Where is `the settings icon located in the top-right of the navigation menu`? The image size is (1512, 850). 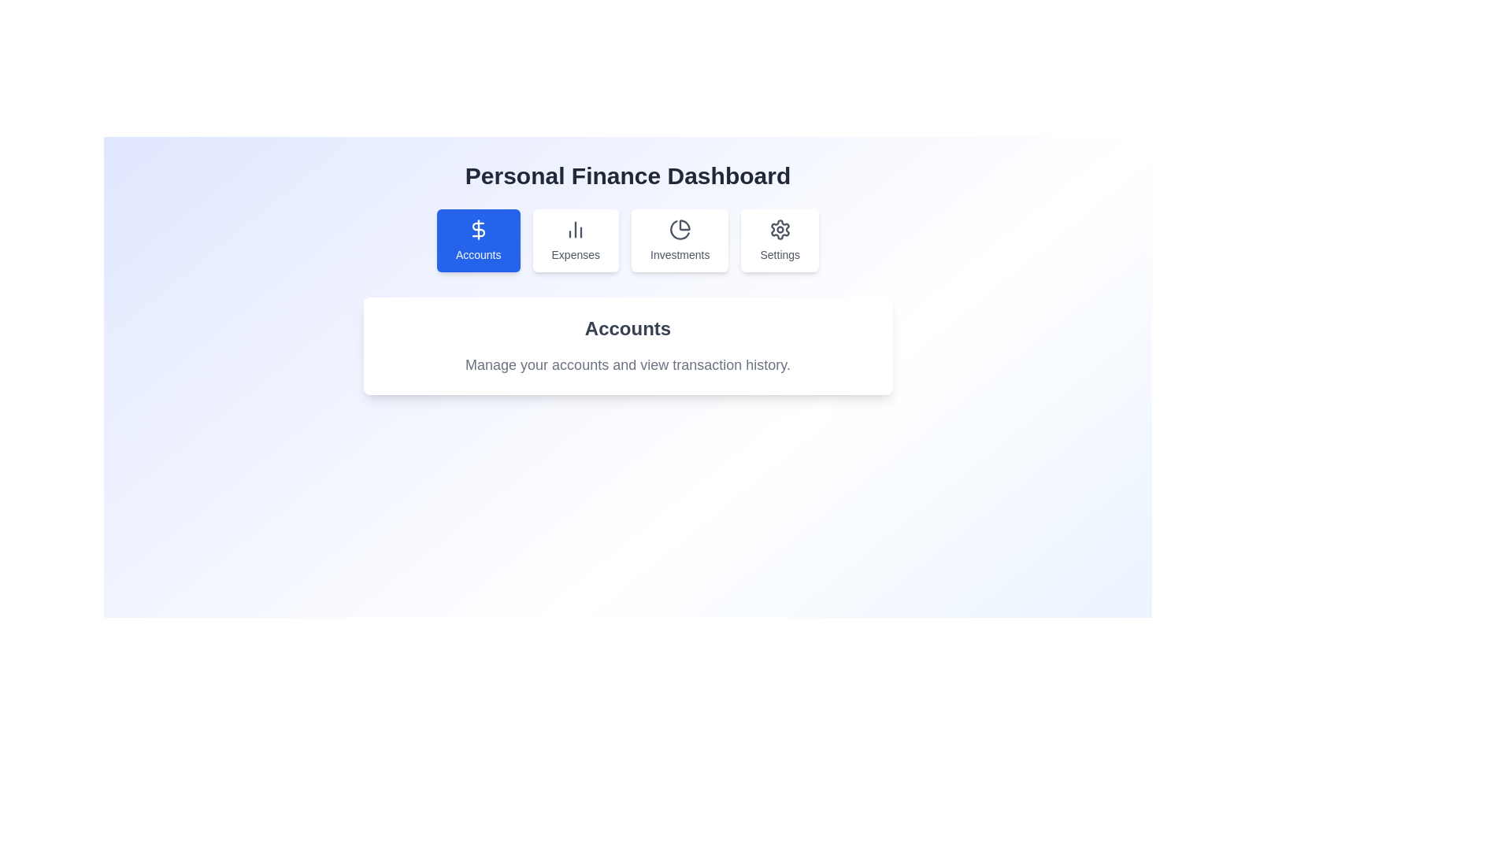
the settings icon located in the top-right of the navigation menu is located at coordinates (780, 230).